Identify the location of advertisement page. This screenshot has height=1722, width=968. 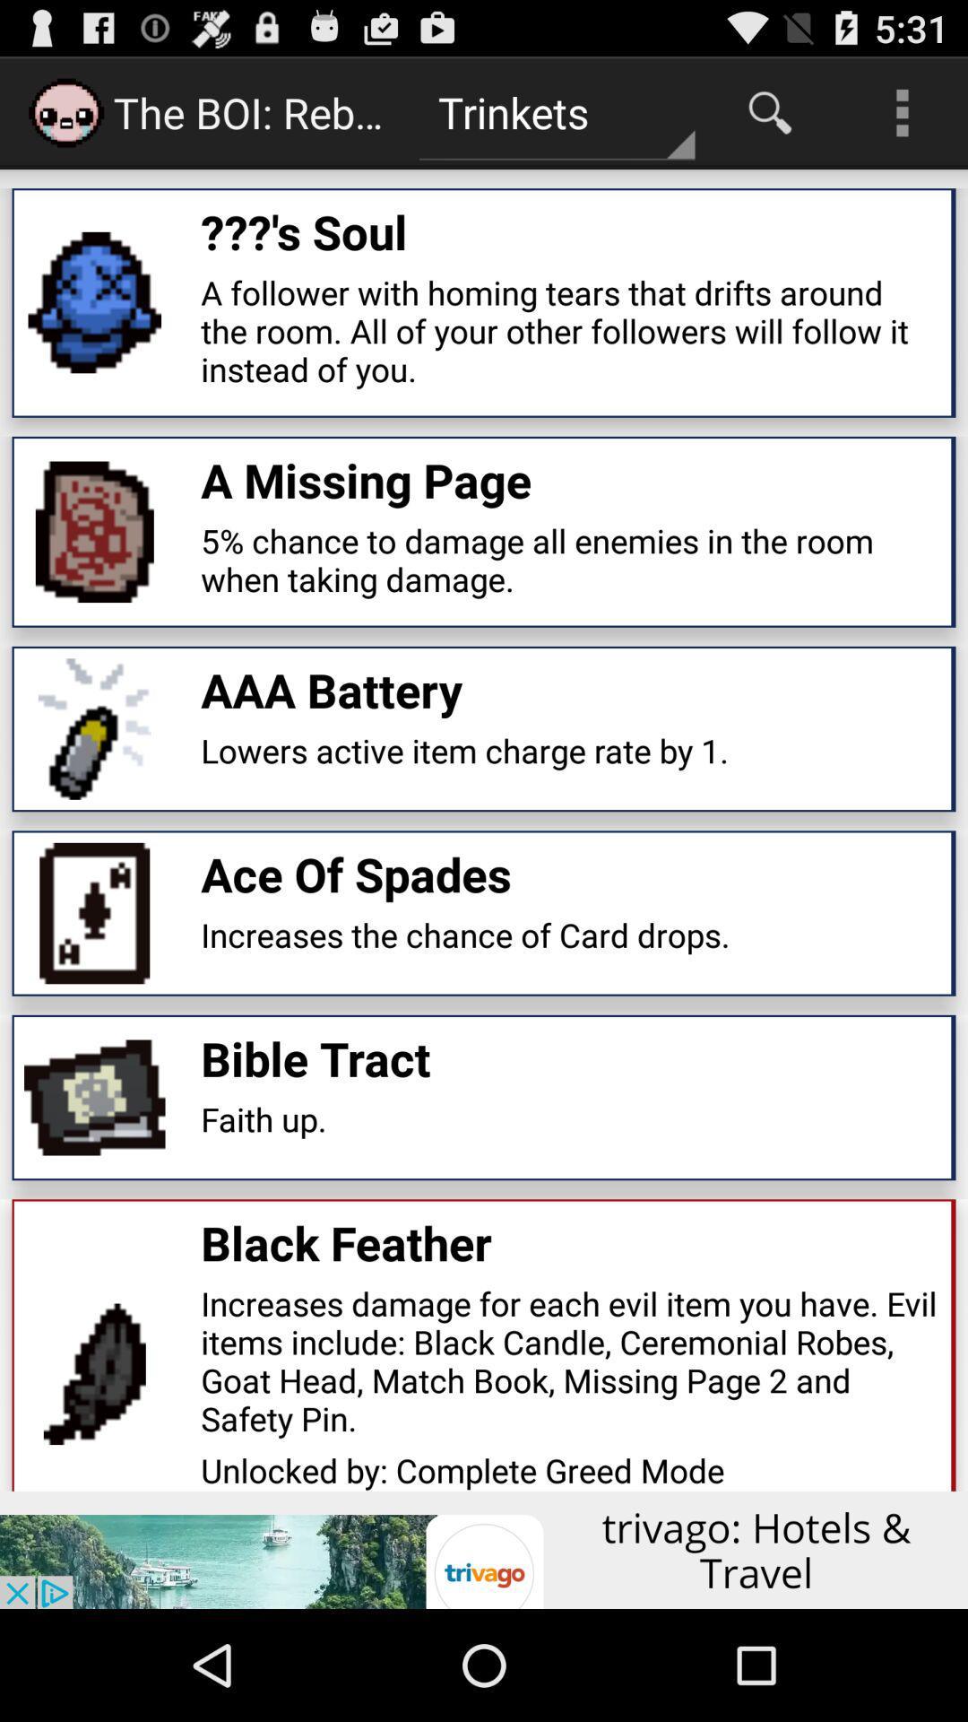
(484, 1549).